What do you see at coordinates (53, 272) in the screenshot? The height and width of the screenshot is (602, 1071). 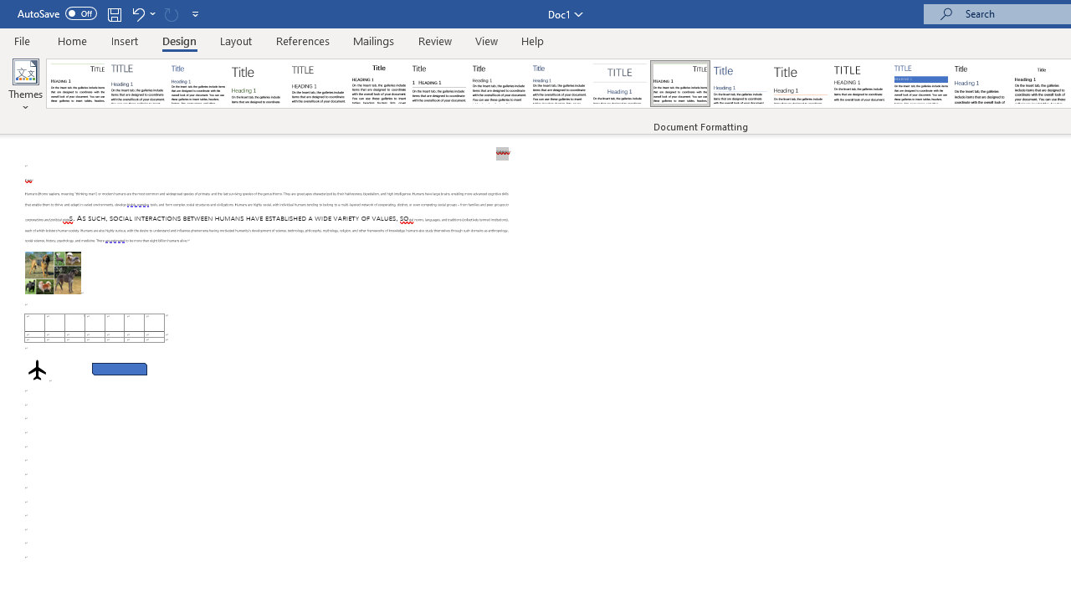 I see `'Morphological variation in six dogs'` at bounding box center [53, 272].